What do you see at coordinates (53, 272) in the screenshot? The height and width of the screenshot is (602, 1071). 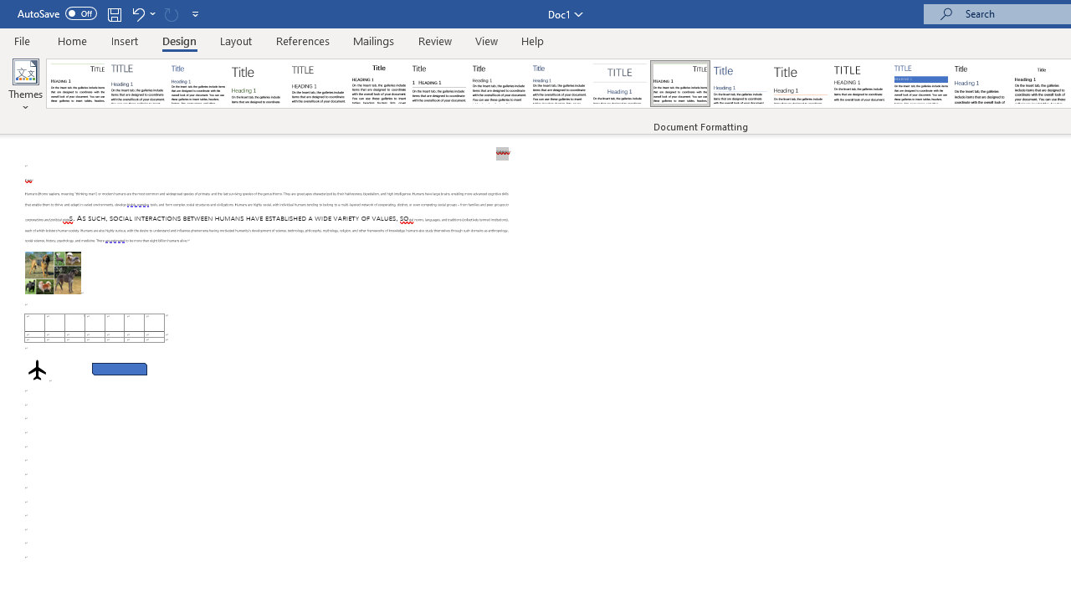 I see `'Morphological variation in six dogs'` at bounding box center [53, 272].